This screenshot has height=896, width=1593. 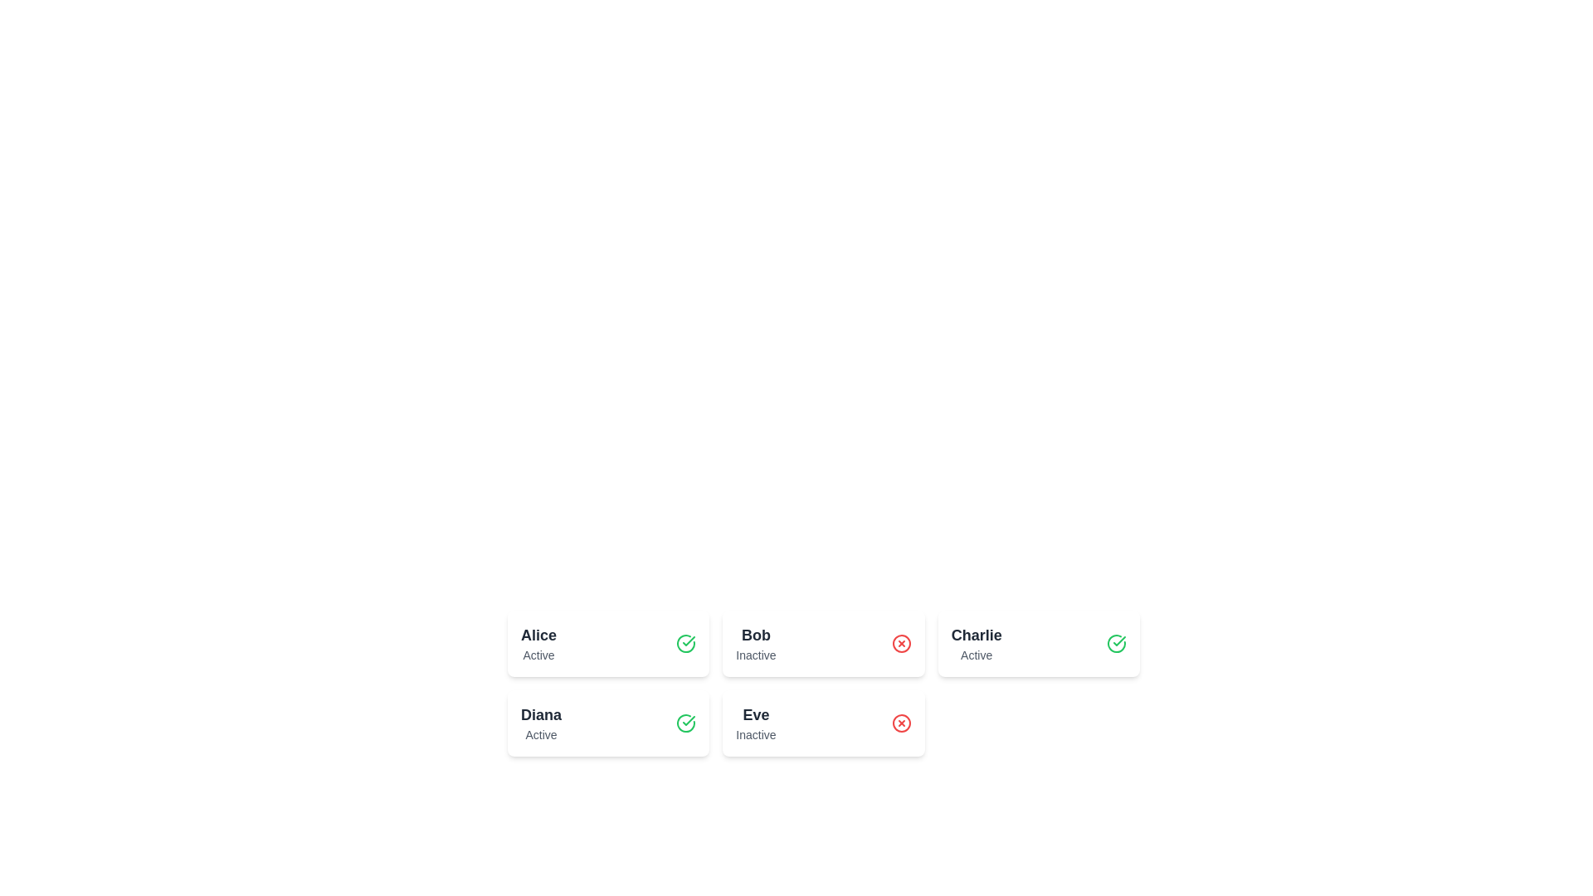 I want to click on status text element indicating Bob's activity level, which is positioned directly beneath the name 'Bob' in the user status grid, so click(x=755, y=655).